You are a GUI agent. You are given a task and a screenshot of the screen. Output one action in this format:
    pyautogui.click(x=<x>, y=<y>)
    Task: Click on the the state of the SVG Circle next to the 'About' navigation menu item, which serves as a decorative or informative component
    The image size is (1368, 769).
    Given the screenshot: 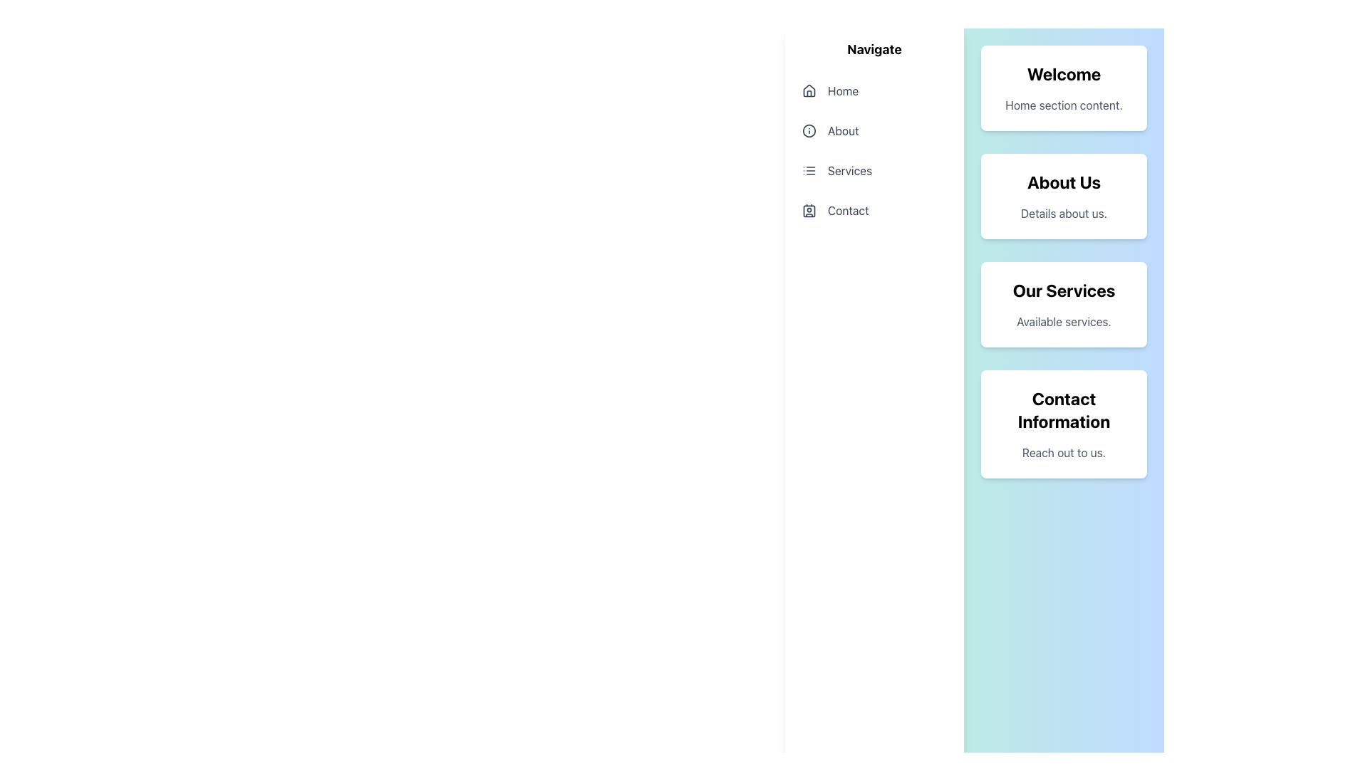 What is the action you would take?
    pyautogui.click(x=809, y=131)
    